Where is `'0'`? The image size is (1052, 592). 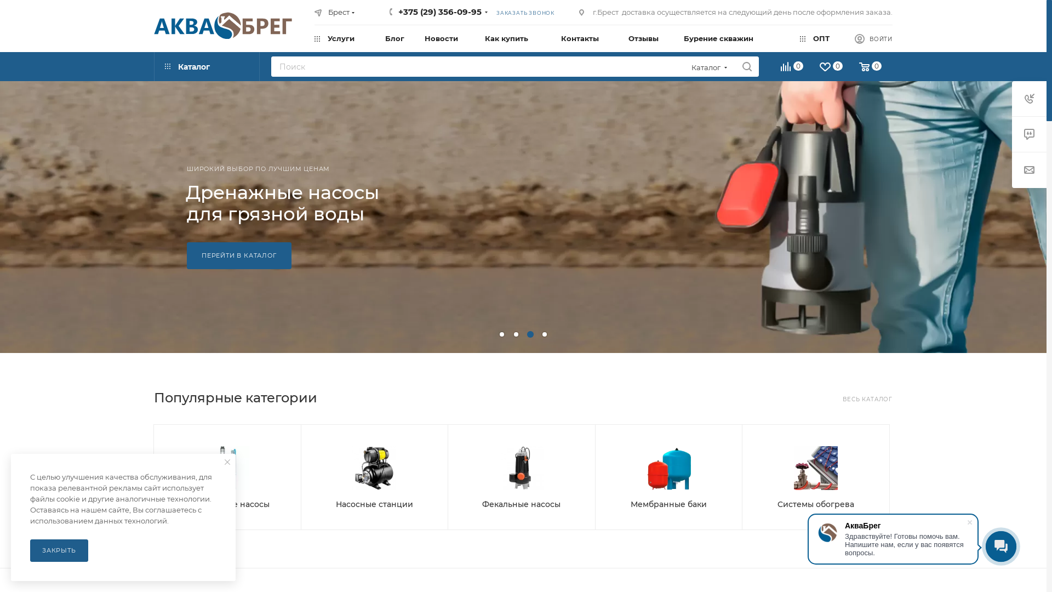
'0' is located at coordinates (812, 68).